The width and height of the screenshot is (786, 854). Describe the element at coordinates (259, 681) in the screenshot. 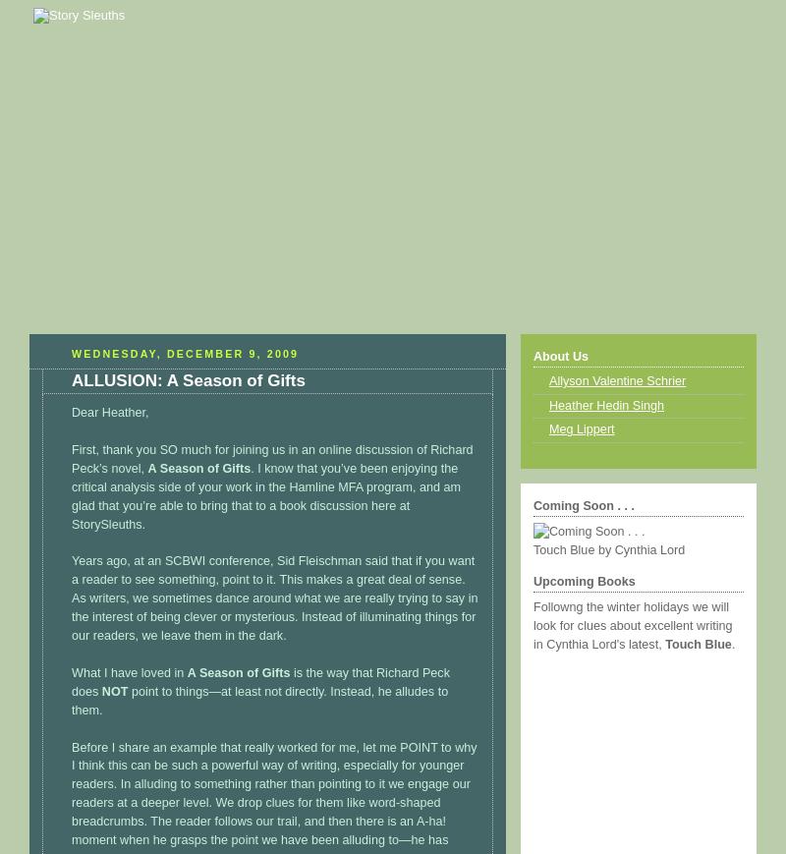

I see `'is the way that Richard Peck does'` at that location.